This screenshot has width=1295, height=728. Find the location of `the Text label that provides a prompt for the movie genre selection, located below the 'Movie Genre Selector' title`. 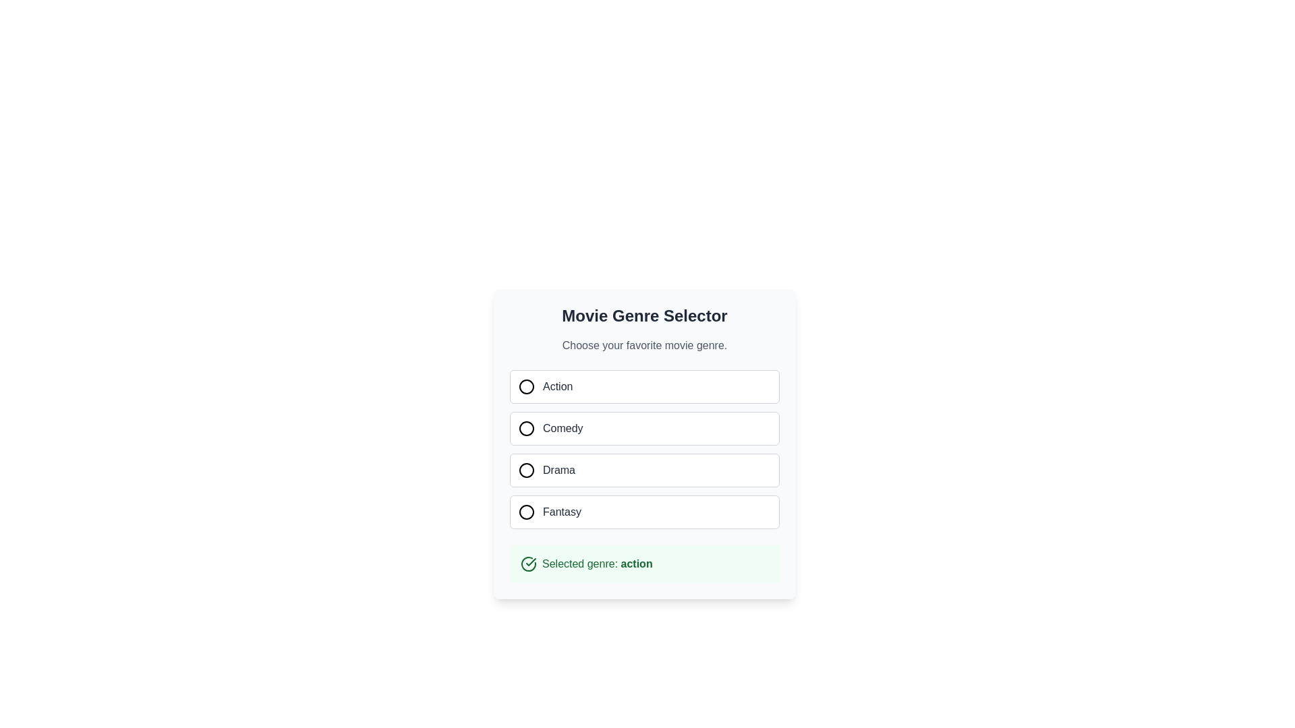

the Text label that provides a prompt for the movie genre selection, located below the 'Movie Genre Selector' title is located at coordinates (643, 345).